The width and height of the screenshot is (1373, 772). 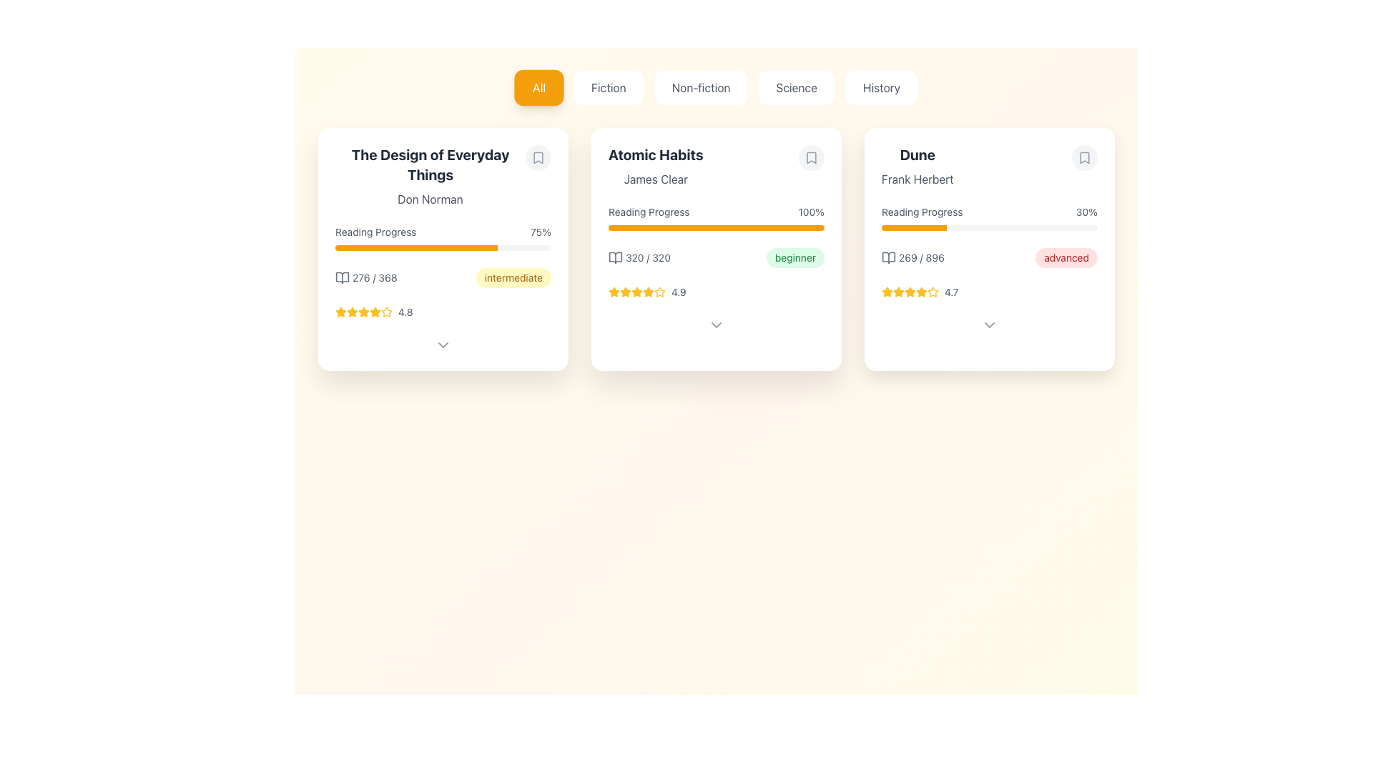 I want to click on text content displayed in the title and author section of the rightmost card in the visible card row, located near the top of the card, above the progress bar, so click(x=917, y=165).